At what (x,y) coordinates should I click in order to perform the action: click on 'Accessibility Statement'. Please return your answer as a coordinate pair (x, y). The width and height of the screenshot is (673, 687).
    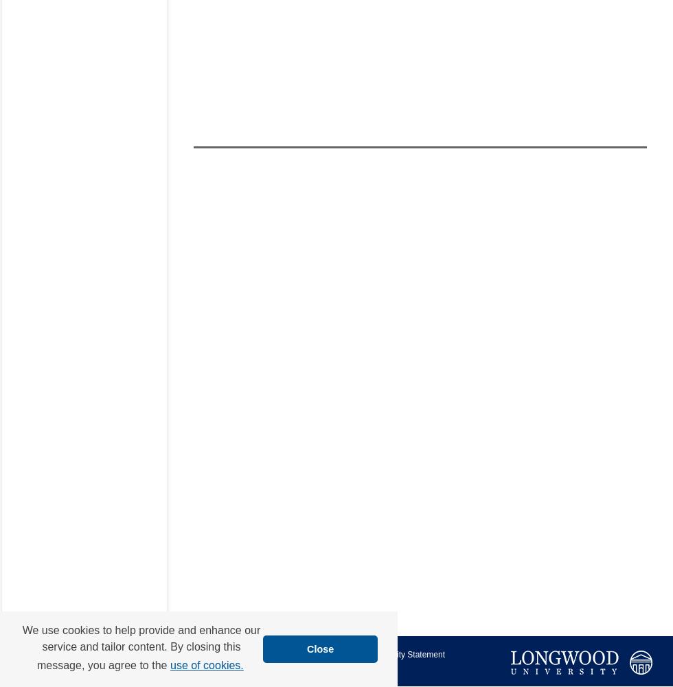
    Looking at the image, I should click on (402, 654).